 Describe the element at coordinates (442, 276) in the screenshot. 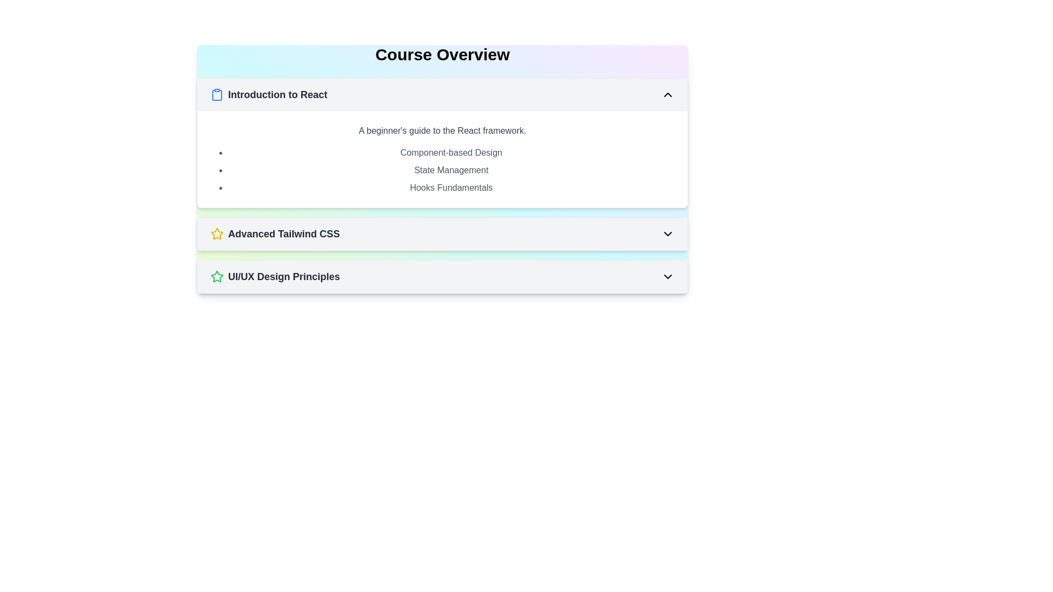

I see `the interactive expandable list item related to 'UI/UX Design Principles'` at that location.